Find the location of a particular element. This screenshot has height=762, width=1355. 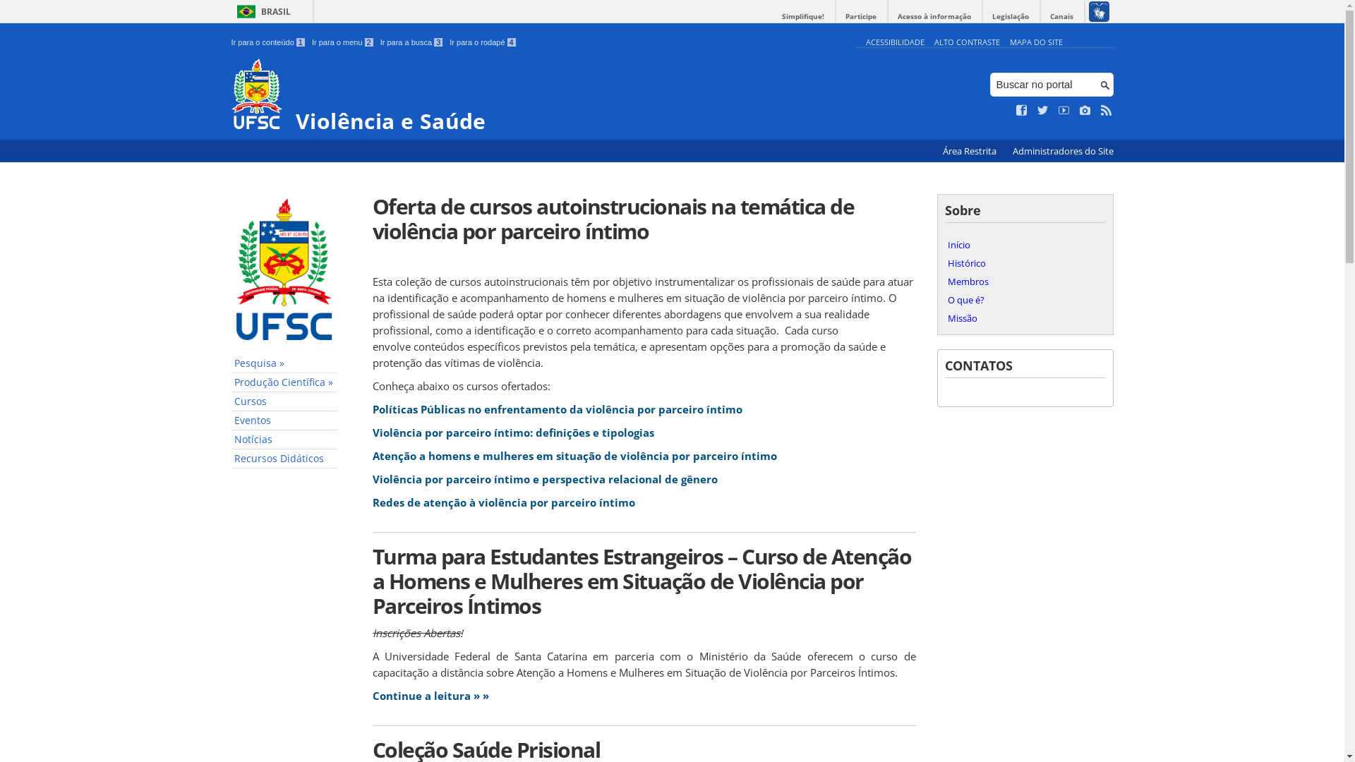

'Canais' is located at coordinates (1040, 16).